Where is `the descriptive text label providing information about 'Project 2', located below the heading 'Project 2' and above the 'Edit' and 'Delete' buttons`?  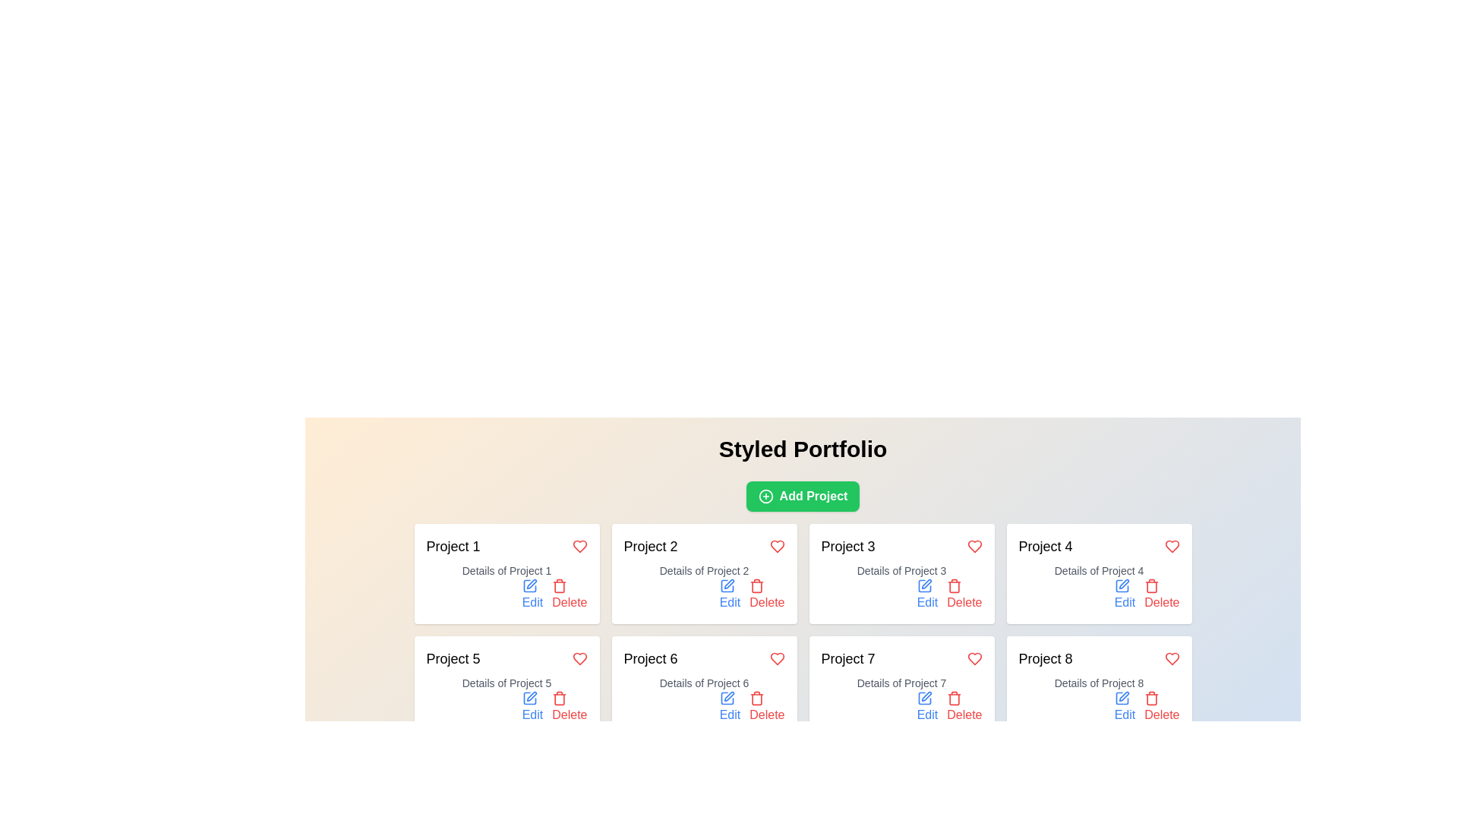 the descriptive text label providing information about 'Project 2', located below the heading 'Project 2' and above the 'Edit' and 'Delete' buttons is located at coordinates (703, 571).